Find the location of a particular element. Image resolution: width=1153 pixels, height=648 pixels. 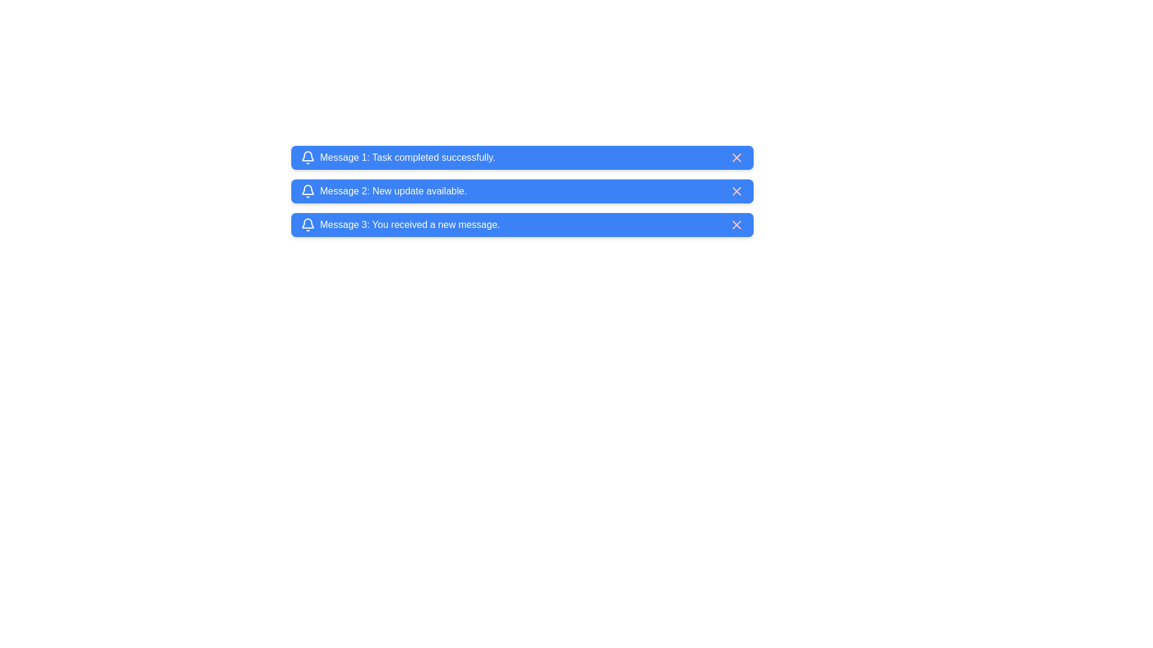

the non-interactive icon representing a notification or alert, located within the last notification message box adjacent to the message text 'Message 3: You received a new message.' is located at coordinates (308, 223).